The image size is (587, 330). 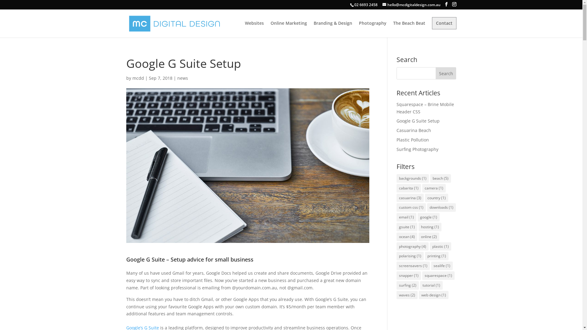 What do you see at coordinates (396, 237) in the screenshot?
I see `'ocean (4)'` at bounding box center [396, 237].